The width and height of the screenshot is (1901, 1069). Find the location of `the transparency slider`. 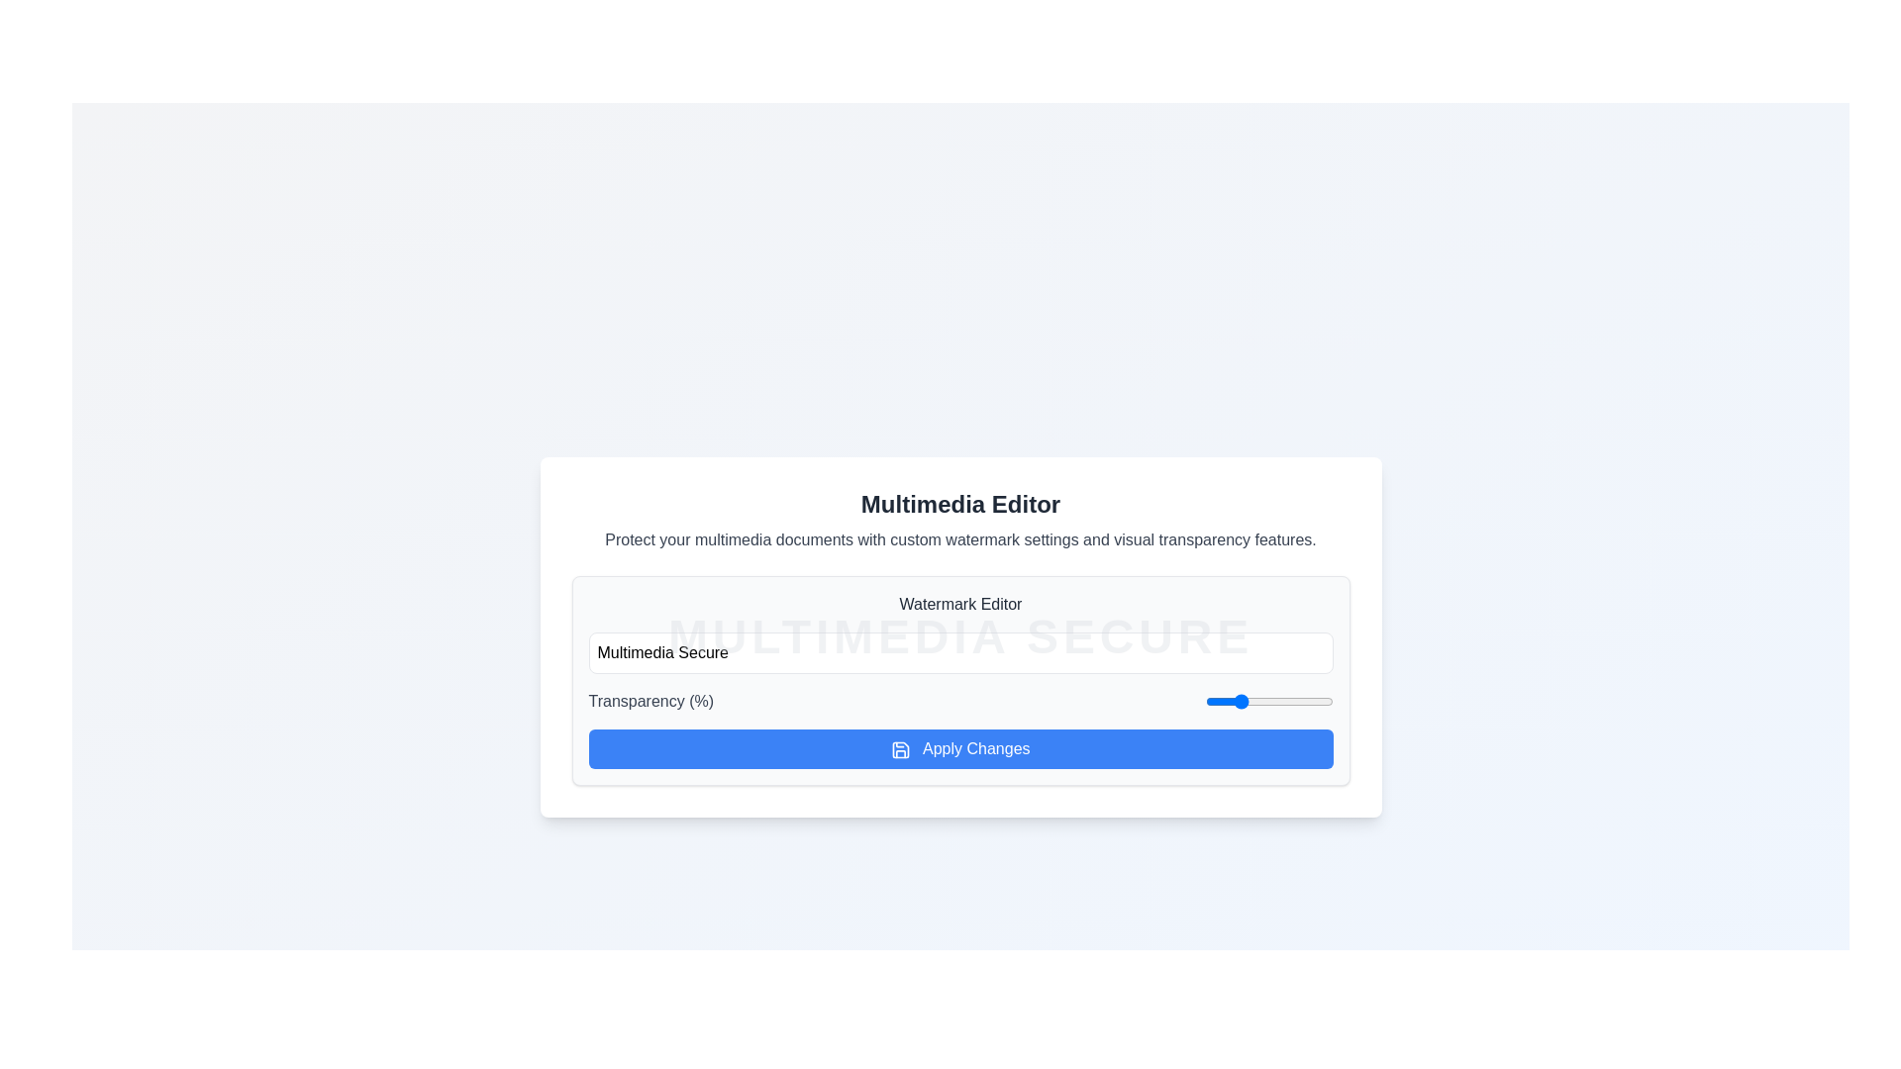

the transparency slider is located at coordinates (1281, 701).